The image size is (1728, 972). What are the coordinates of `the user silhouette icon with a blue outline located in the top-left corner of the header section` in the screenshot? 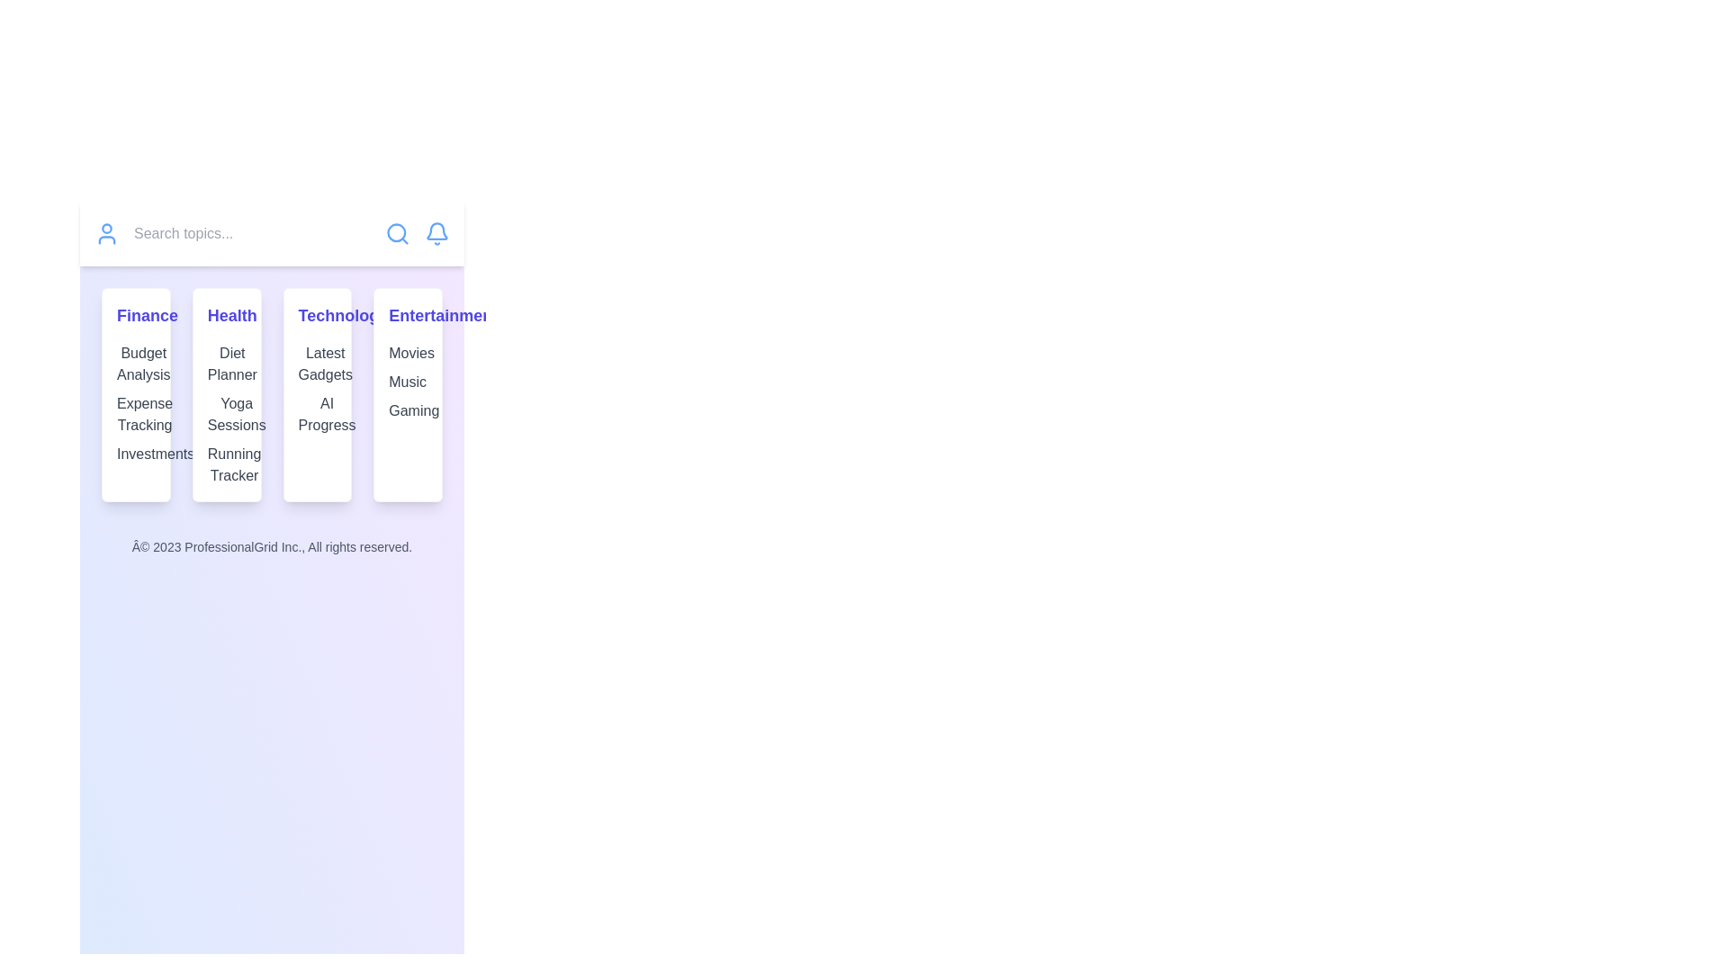 It's located at (106, 232).